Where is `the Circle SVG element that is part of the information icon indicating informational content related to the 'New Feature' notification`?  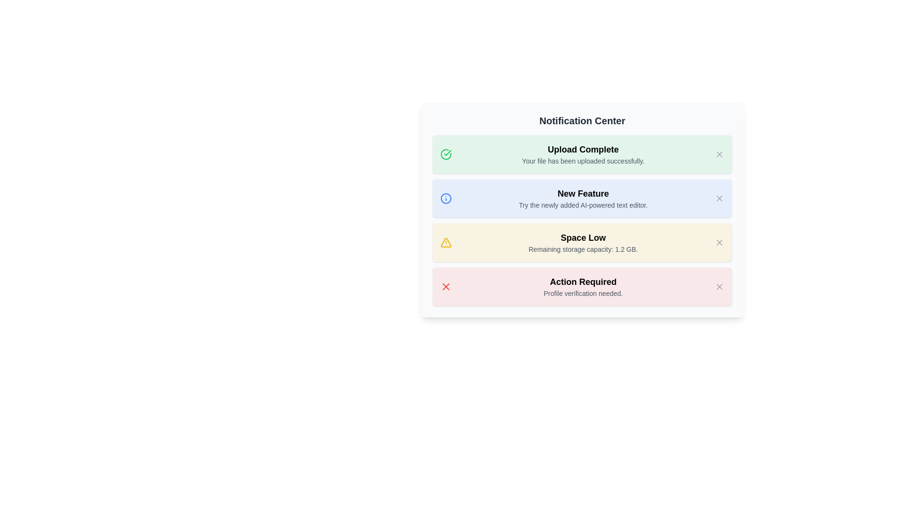
the Circle SVG element that is part of the information icon indicating informational content related to the 'New Feature' notification is located at coordinates (446, 198).